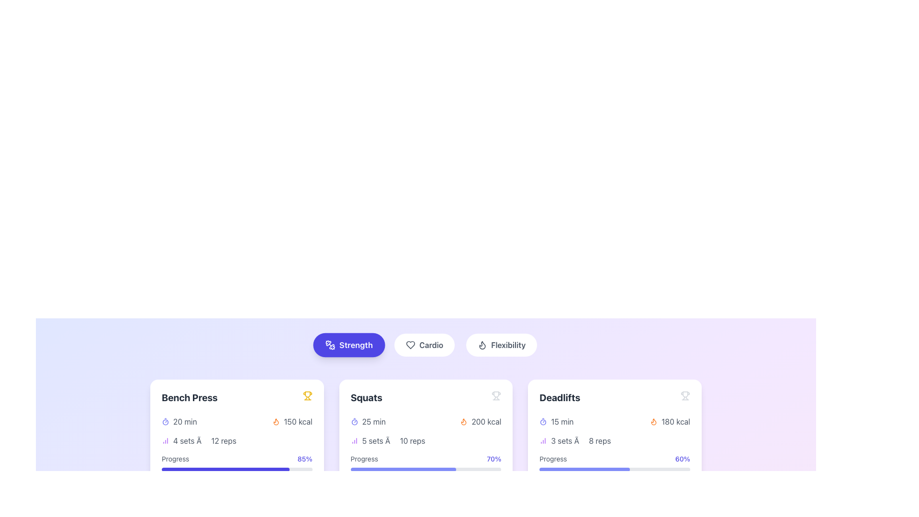  I want to click on the progress bar labeled 'Progress' with 70% indication within the 'Squats' card, located at the bottom of the card layout, so click(425, 462).